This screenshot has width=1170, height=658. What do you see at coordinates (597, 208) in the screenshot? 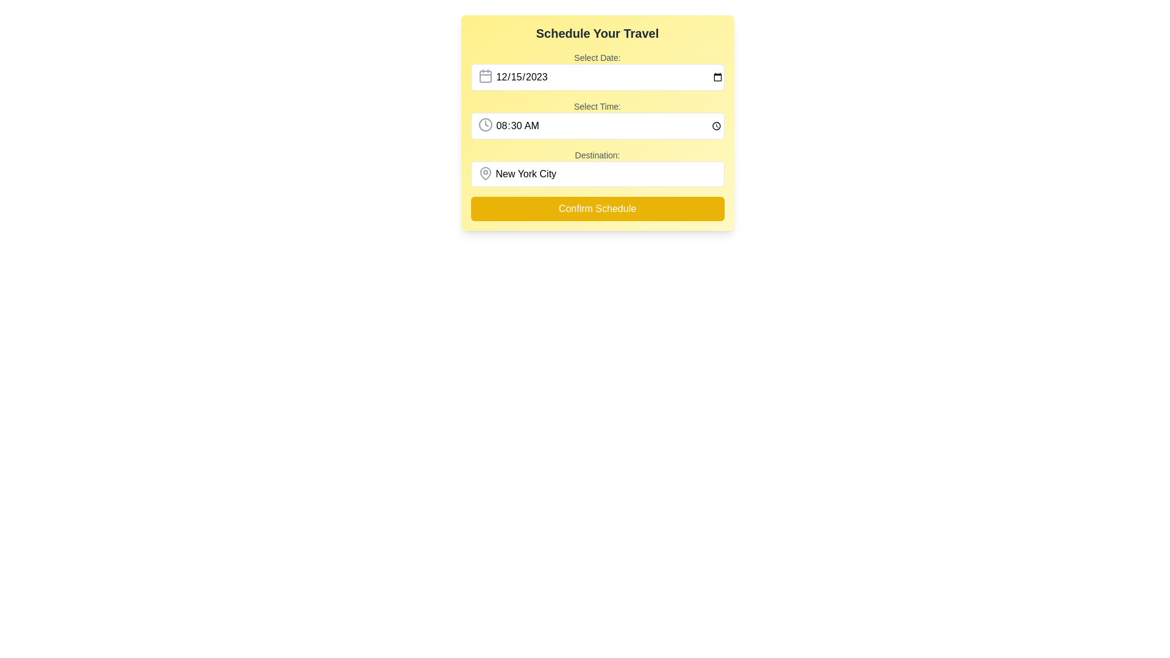
I see `the 'Confirm Schedule' button with a yellow background and white text` at bounding box center [597, 208].